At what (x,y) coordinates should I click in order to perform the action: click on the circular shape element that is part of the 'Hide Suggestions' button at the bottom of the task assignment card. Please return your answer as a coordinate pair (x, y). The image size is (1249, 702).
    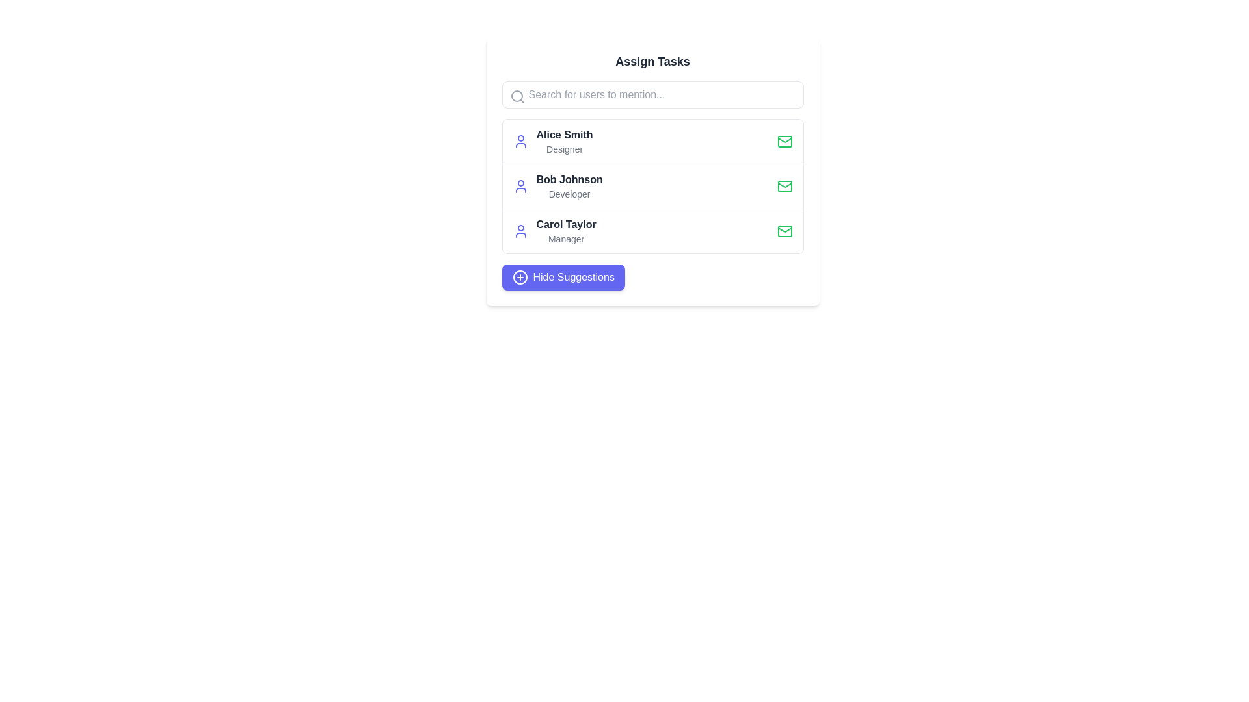
    Looking at the image, I should click on (519, 277).